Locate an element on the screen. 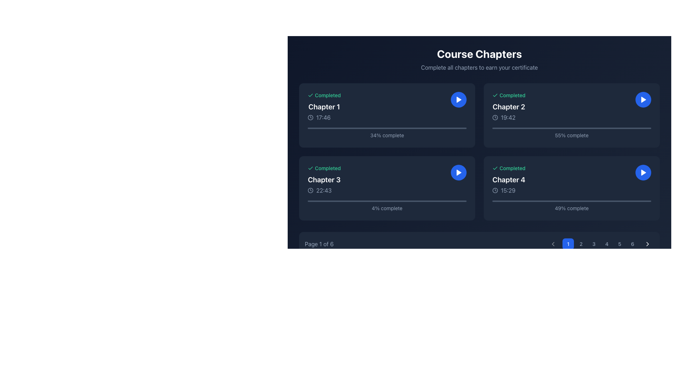 The width and height of the screenshot is (687, 386). the play button located in the top-right corner of the second chapter card is located at coordinates (643, 99).